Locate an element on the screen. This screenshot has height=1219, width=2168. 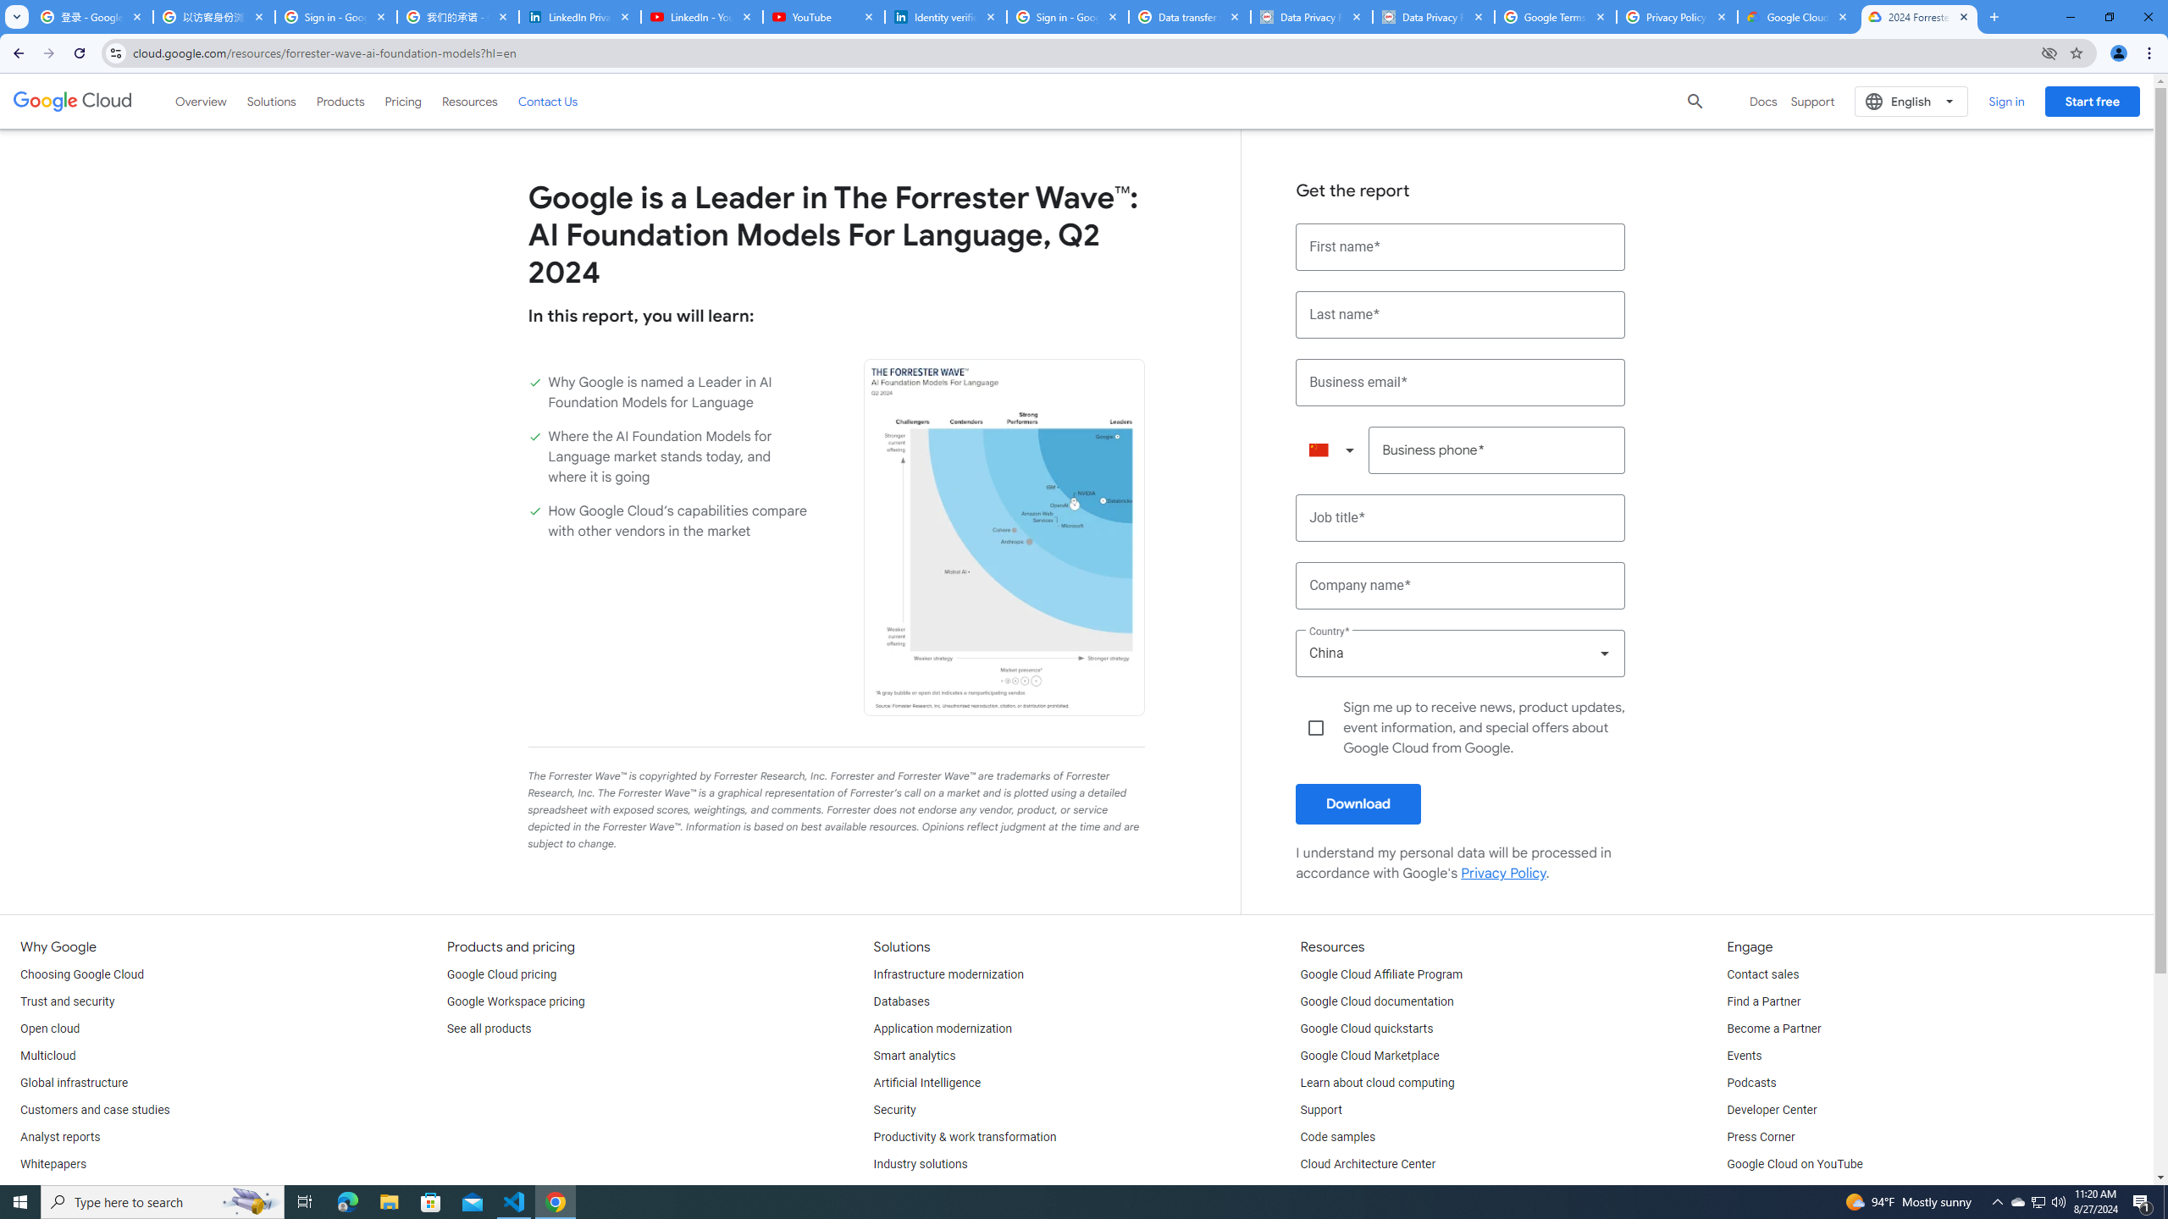
'Google Cloud Tech on YouTube' is located at coordinates (1809, 1192).